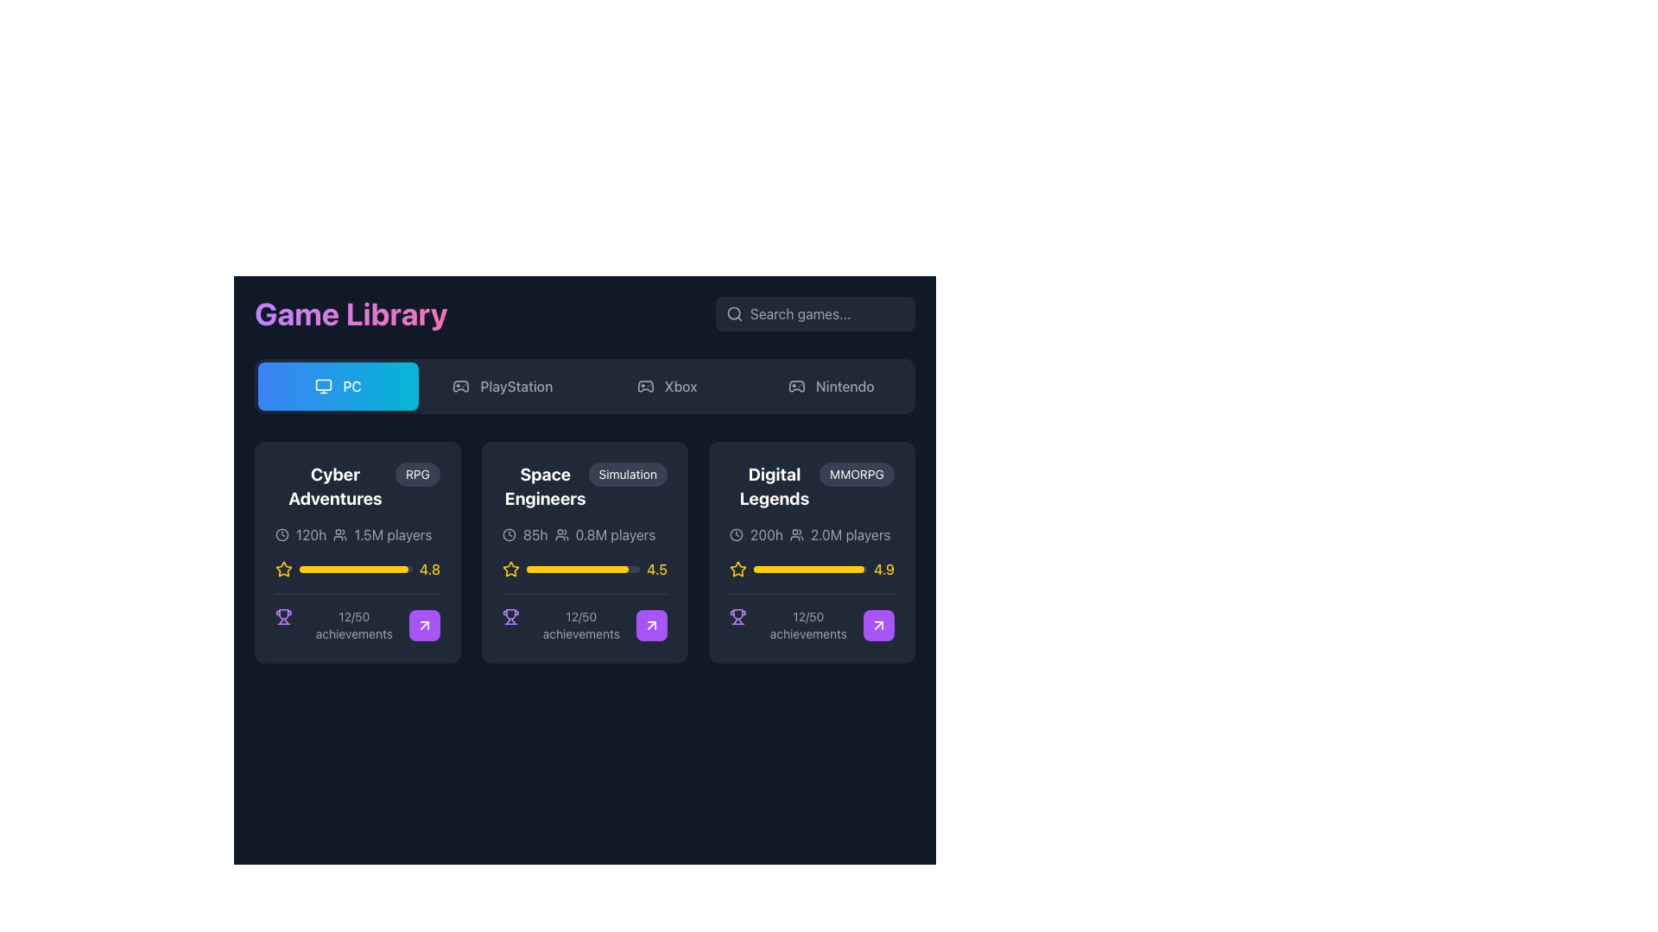 Image resolution: width=1658 pixels, height=932 pixels. What do you see at coordinates (509, 534) in the screenshot?
I see `the time-related metric icon located to the far left of the text '85h' in the second card titled 'Space Engineers'` at bounding box center [509, 534].